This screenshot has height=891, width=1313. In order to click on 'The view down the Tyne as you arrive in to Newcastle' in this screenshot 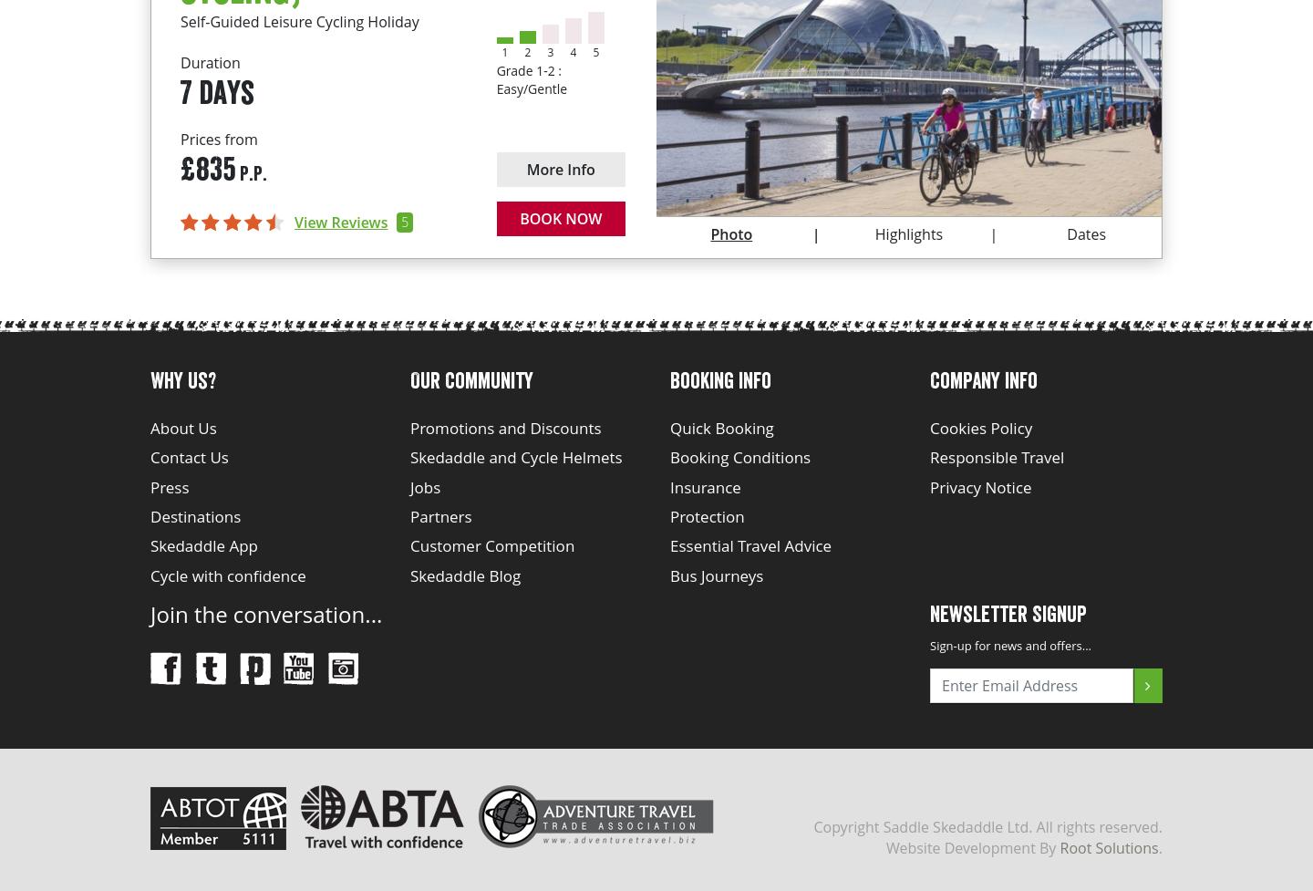, I will do `click(873, 14)`.